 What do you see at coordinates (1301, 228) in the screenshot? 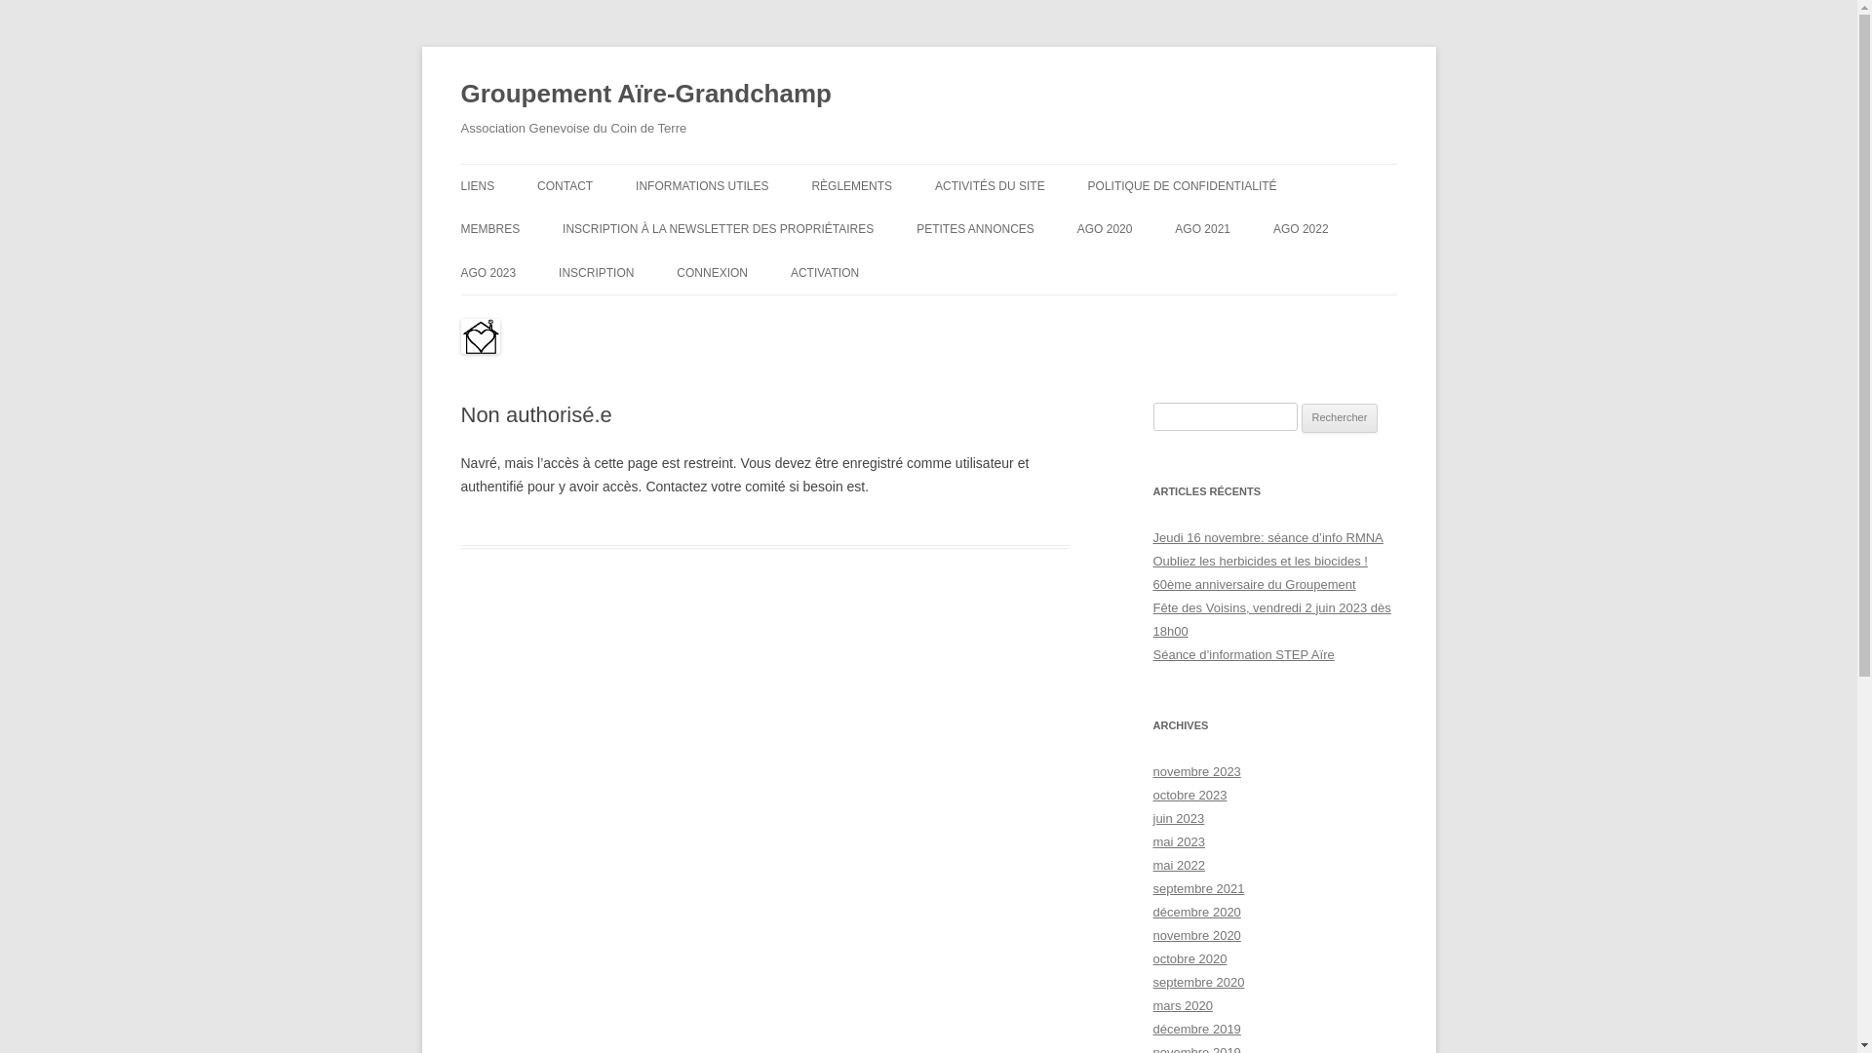
I see `'AGO 2022'` at bounding box center [1301, 228].